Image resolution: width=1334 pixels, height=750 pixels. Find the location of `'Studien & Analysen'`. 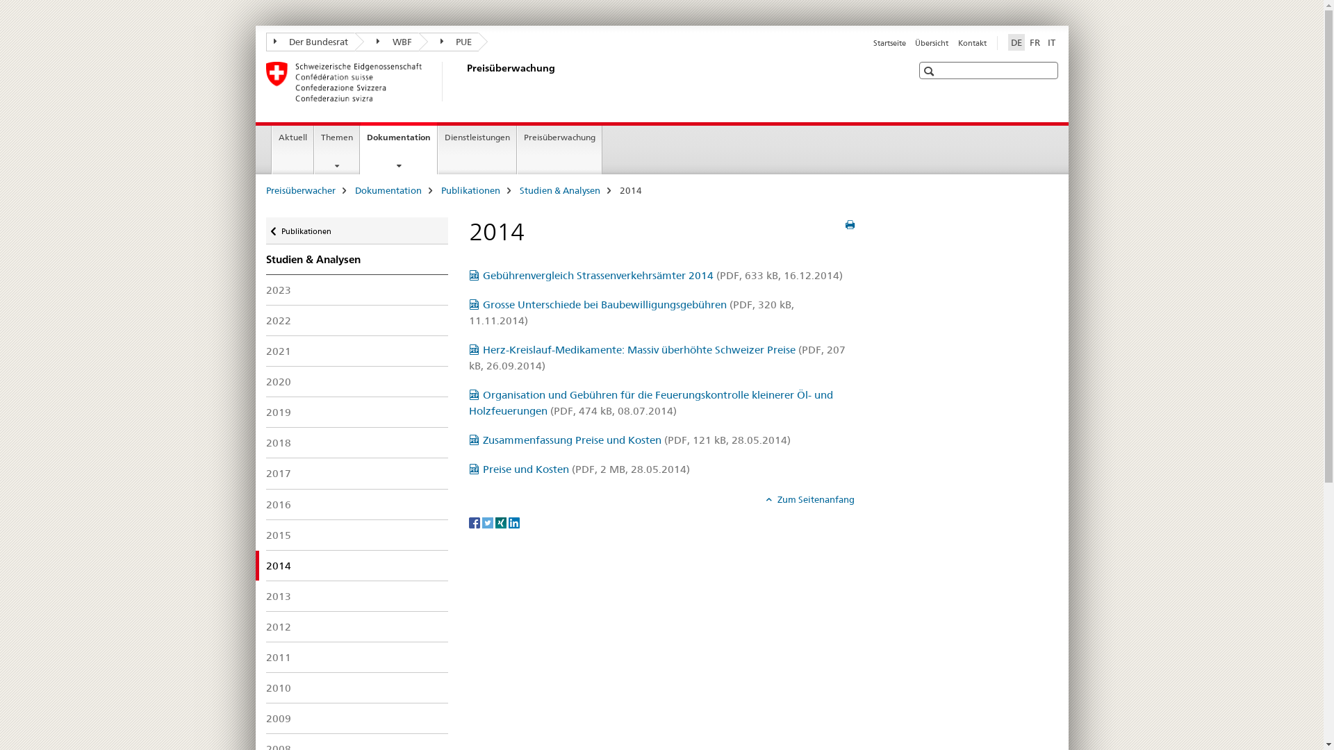

'Studien & Analysen' is located at coordinates (519, 190).